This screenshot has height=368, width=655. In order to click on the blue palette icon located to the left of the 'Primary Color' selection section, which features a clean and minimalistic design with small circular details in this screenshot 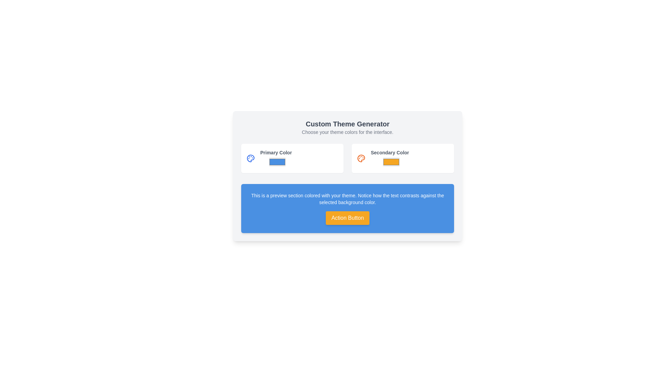, I will do `click(250, 158)`.